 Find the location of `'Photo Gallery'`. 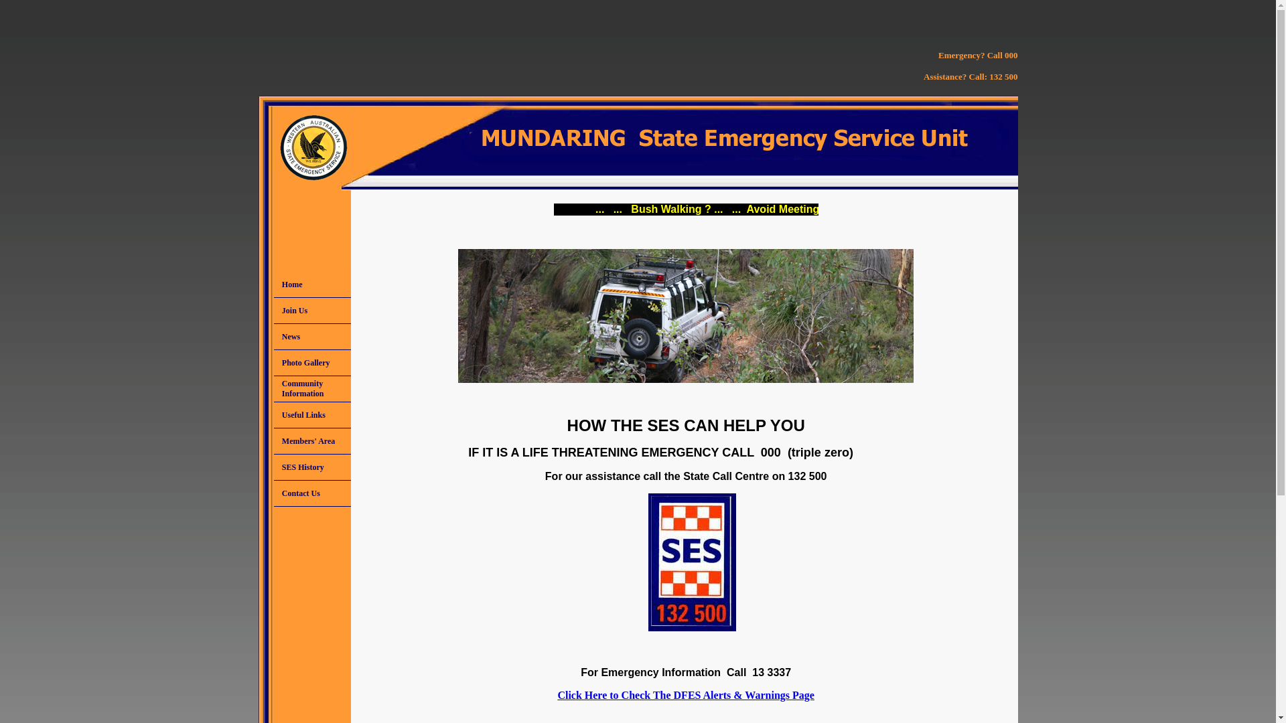

'Photo Gallery' is located at coordinates (273, 363).